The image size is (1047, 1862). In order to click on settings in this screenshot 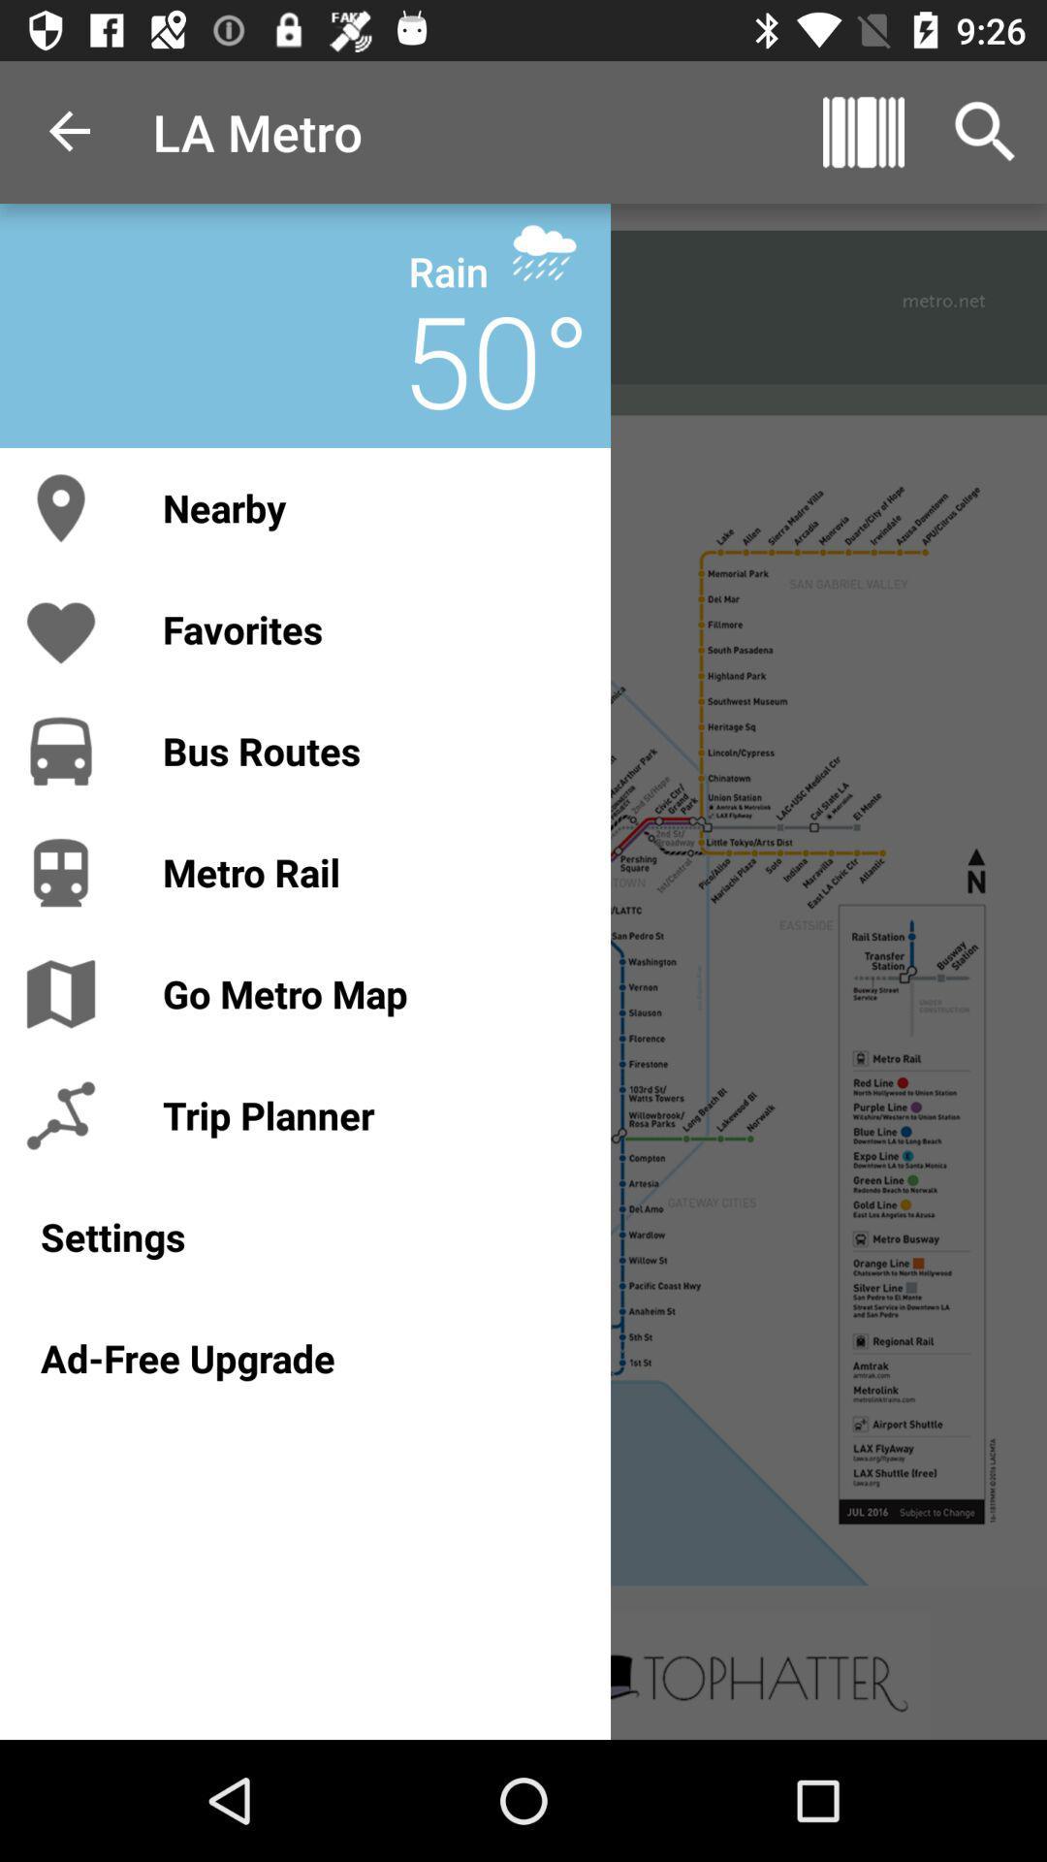, I will do `click(305, 1236)`.